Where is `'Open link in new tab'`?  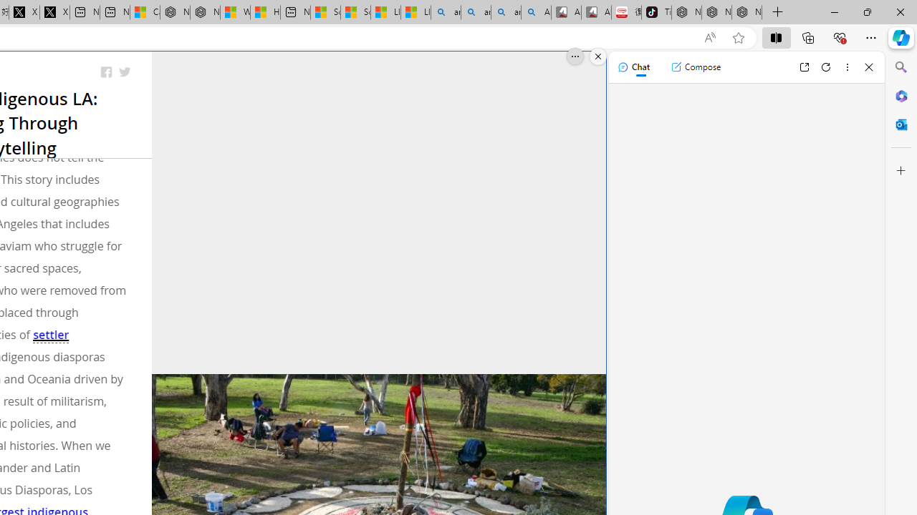
'Open link in new tab' is located at coordinates (804, 67).